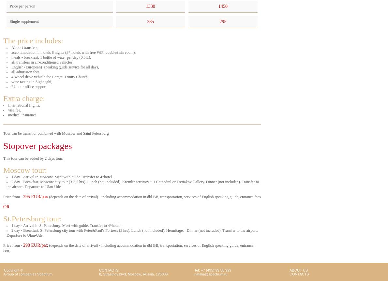 This screenshot has height=281, width=388. What do you see at coordinates (128, 248) in the screenshot?
I see `'(depends on the date of arrival) - including accommodation in dbl BB, transportation, services of English speaking guide, entrance fees.'` at bounding box center [128, 248].